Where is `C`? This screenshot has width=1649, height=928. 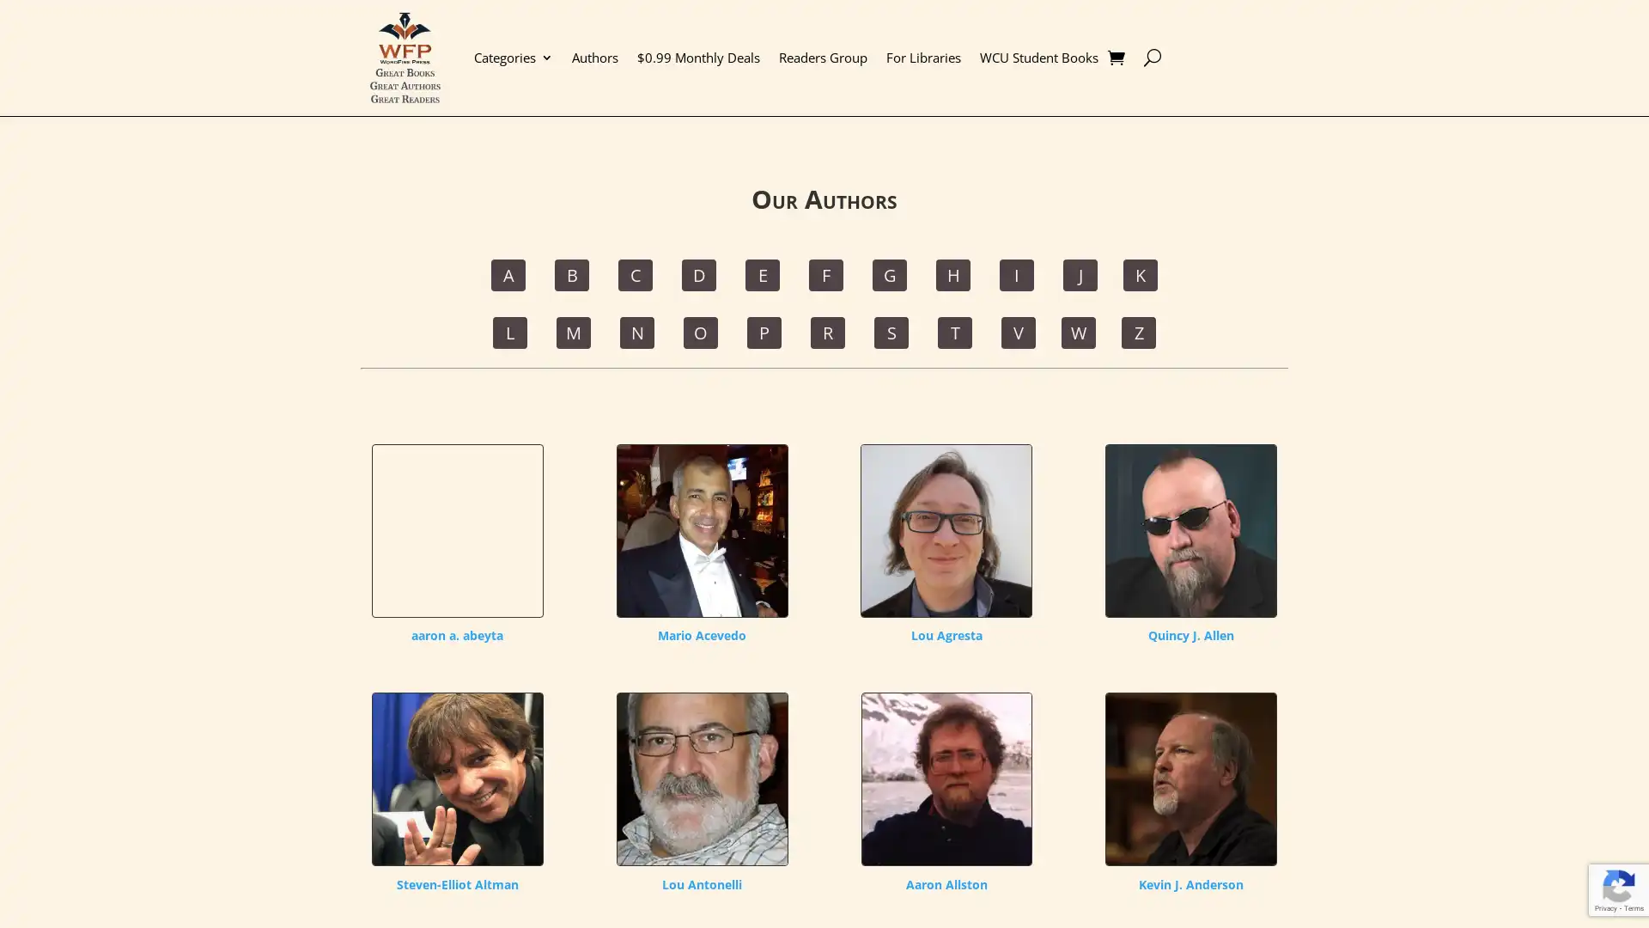 C is located at coordinates (634, 273).